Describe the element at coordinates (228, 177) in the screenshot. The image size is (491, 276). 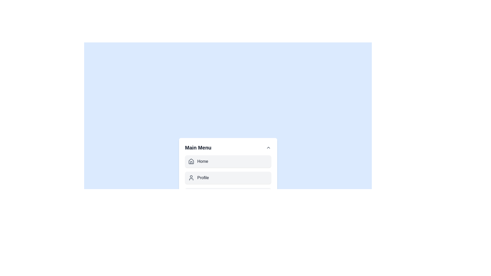
I see `the menu item labeled Profile` at that location.